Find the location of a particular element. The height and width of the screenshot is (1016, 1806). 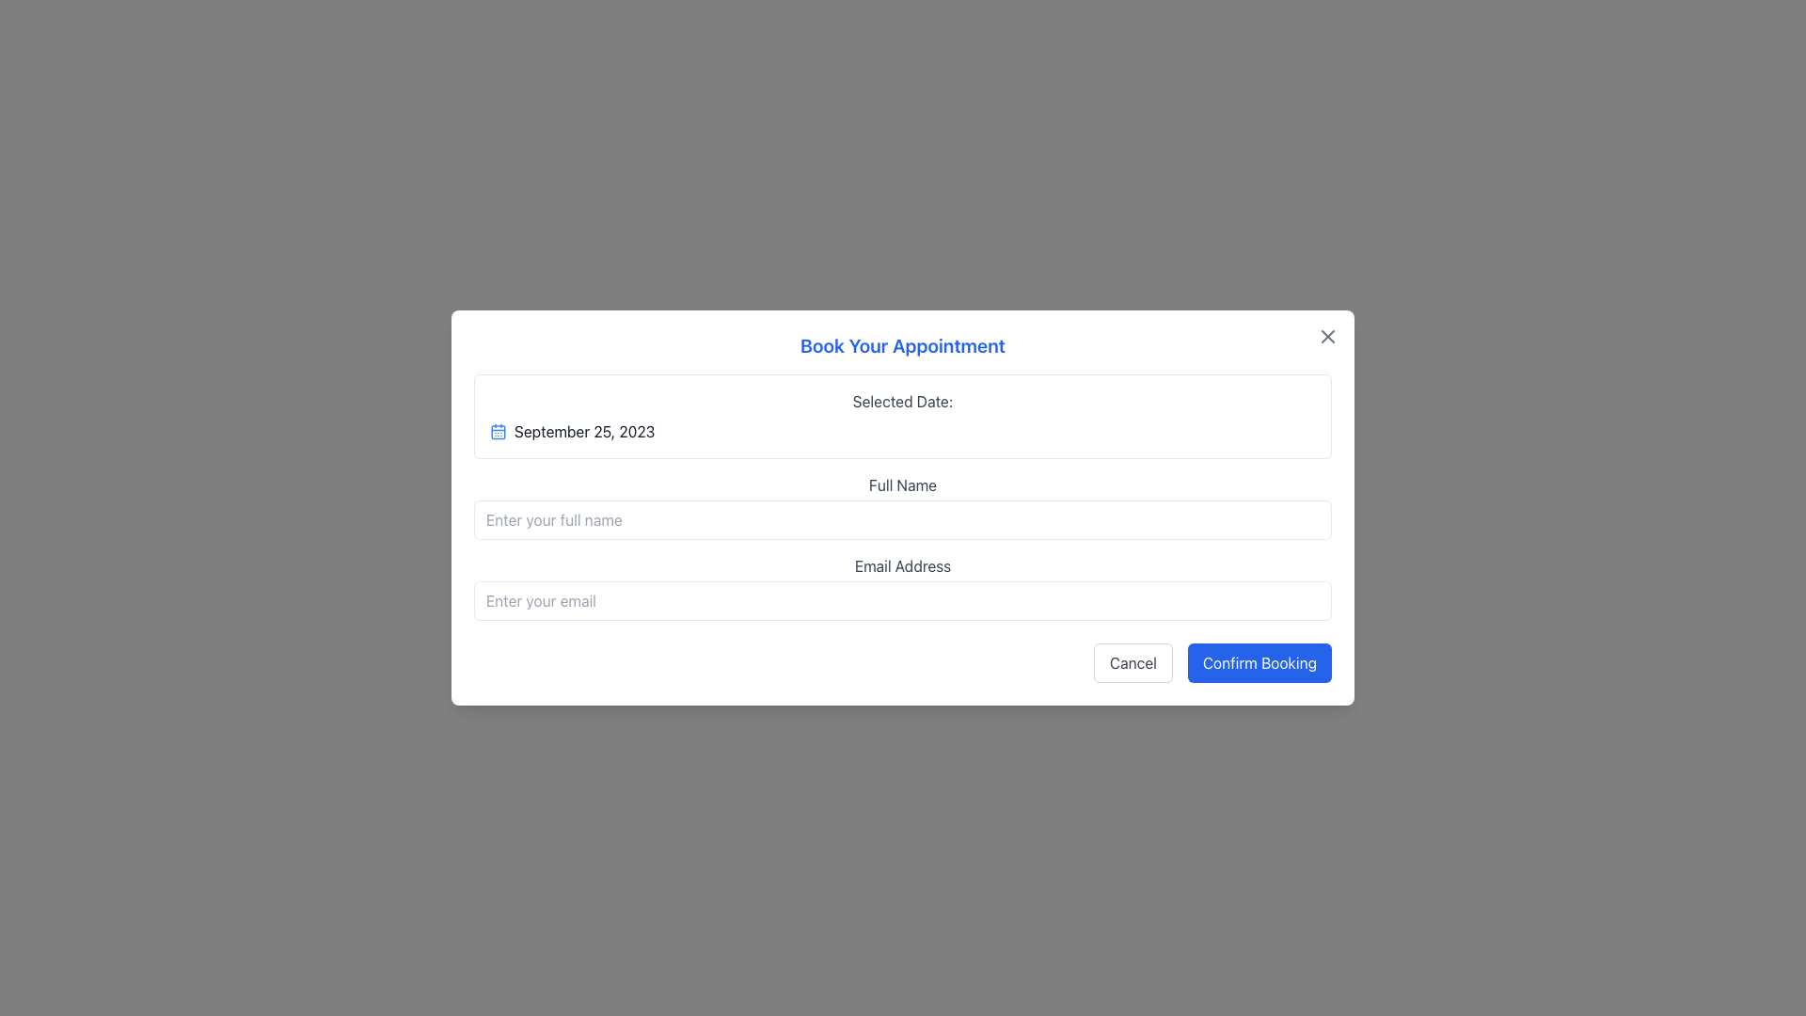

the 'Full Name' text input field in the 'Book Your Appointment' form by tabbing to it is located at coordinates (903, 519).